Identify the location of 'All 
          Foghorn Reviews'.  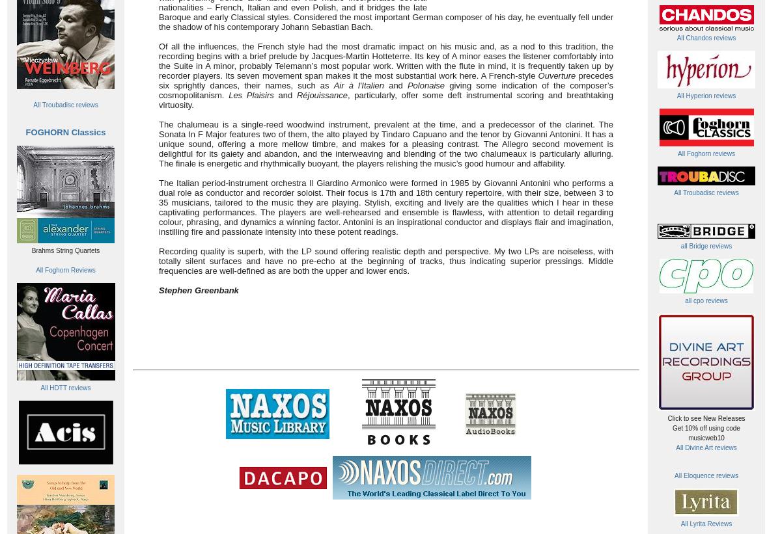
(64, 269).